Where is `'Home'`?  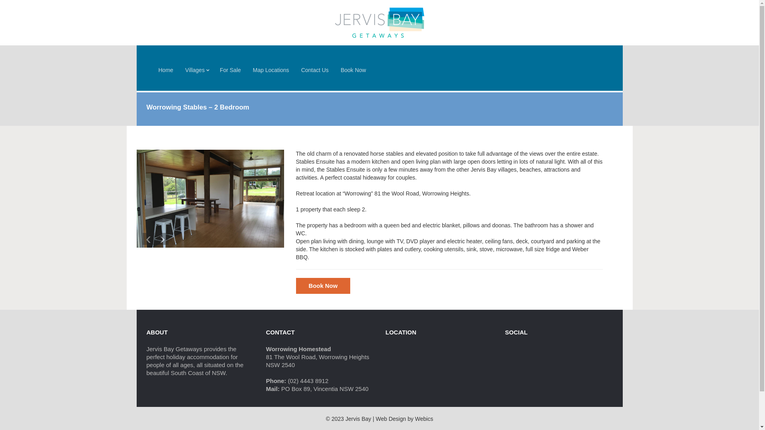 'Home' is located at coordinates (165, 70).